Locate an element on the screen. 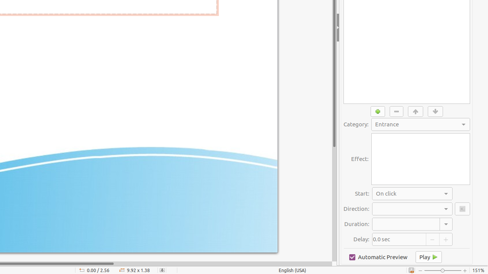 The width and height of the screenshot is (488, 274). 'Move Up' is located at coordinates (415, 111).